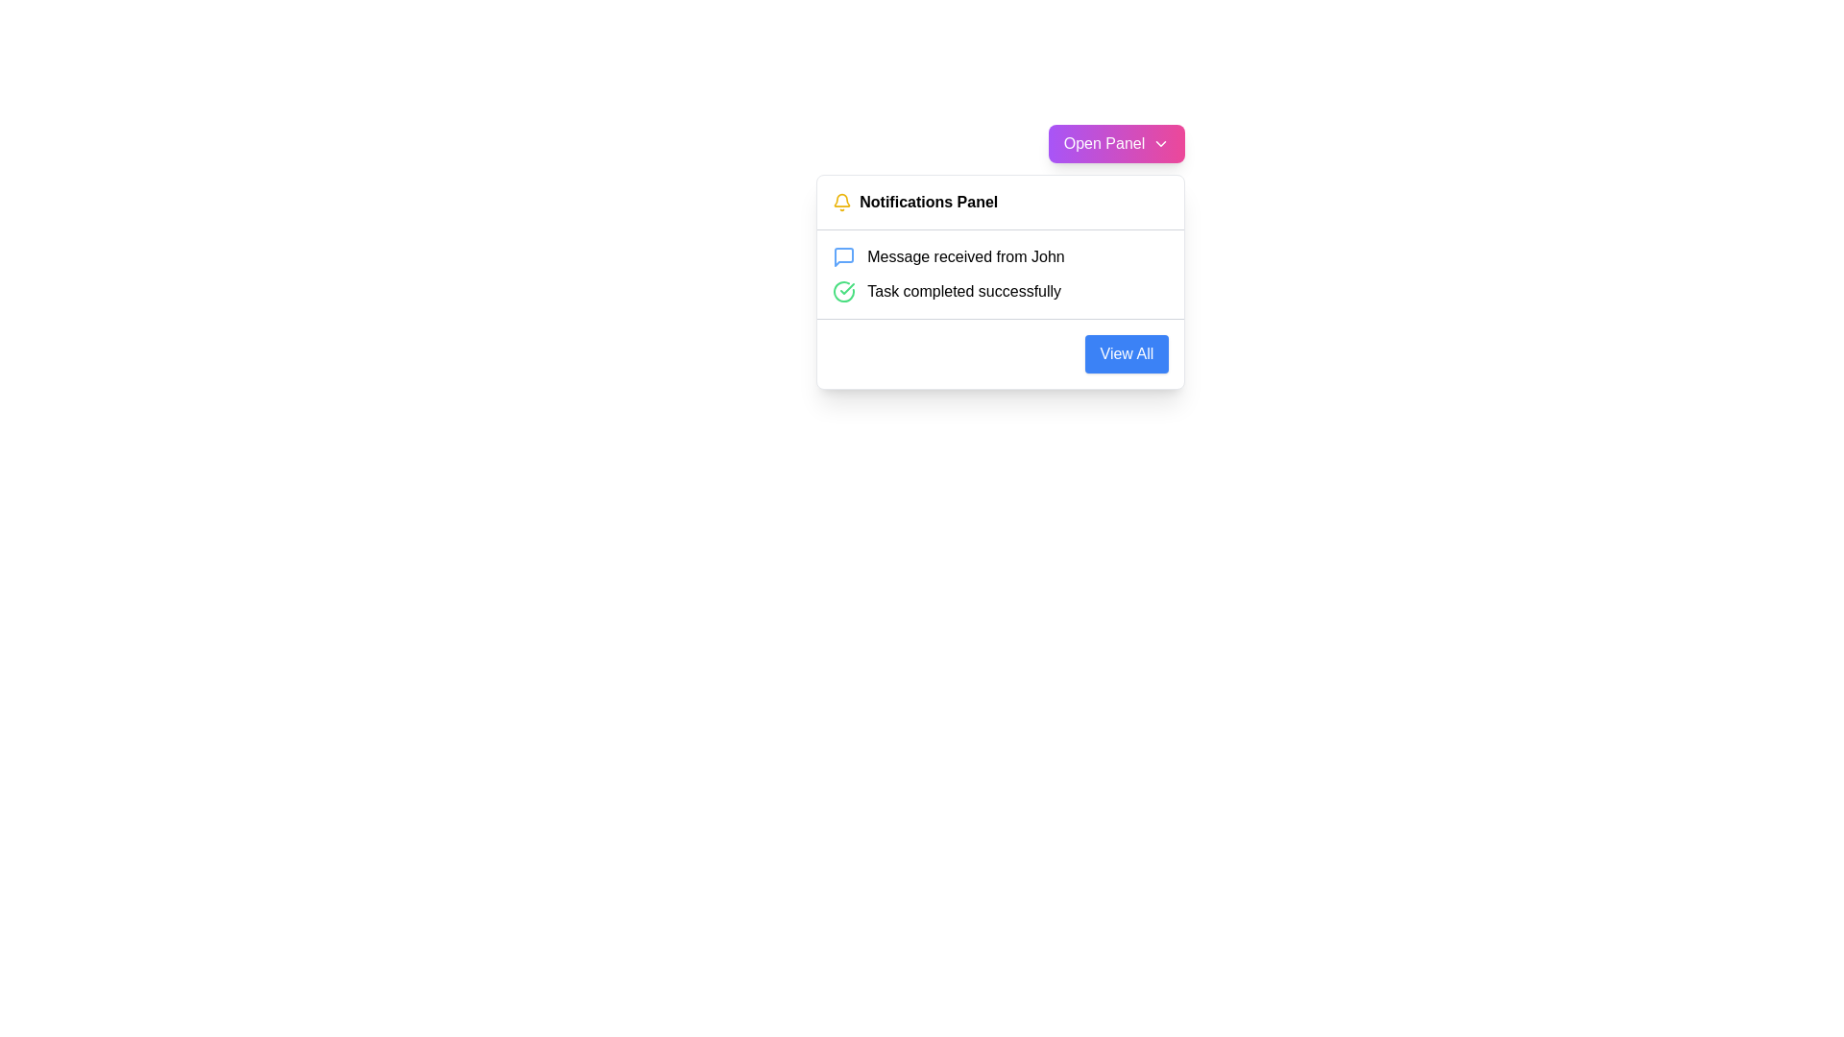  What do you see at coordinates (844, 292) in the screenshot?
I see `the circular icon with a checkmark inside, which has a green outline and indicates that the task was completed successfully. This icon is located to the left of the text in the notifications panel` at bounding box center [844, 292].